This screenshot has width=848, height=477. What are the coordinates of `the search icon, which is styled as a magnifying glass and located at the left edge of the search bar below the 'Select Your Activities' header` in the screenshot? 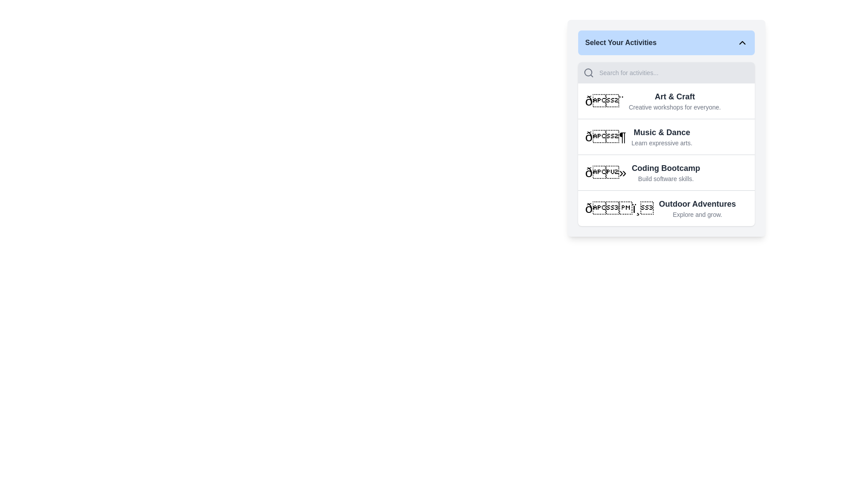 It's located at (589, 72).